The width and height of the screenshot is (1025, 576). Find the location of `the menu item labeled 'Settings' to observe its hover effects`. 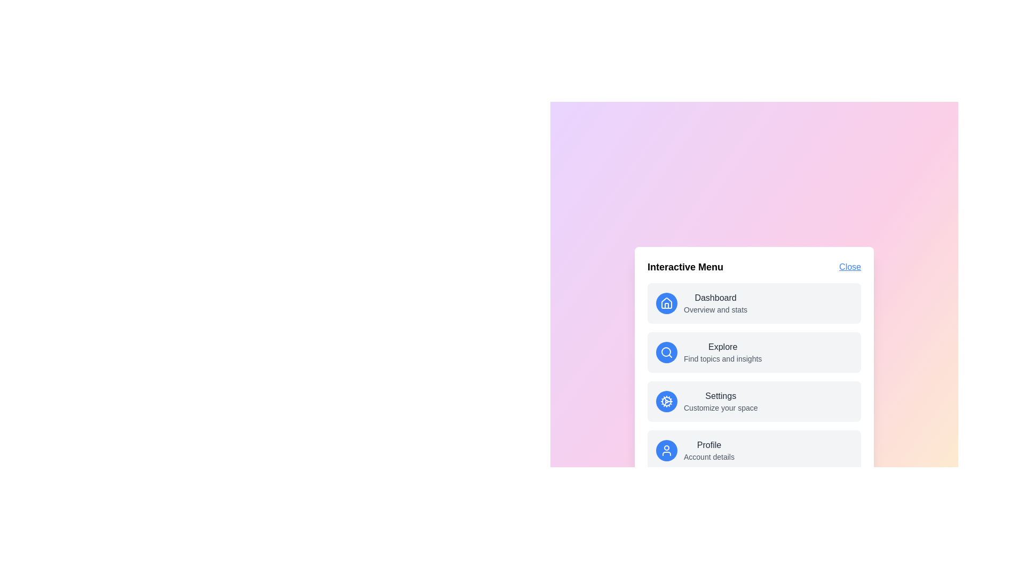

the menu item labeled 'Settings' to observe its hover effects is located at coordinates (753, 401).